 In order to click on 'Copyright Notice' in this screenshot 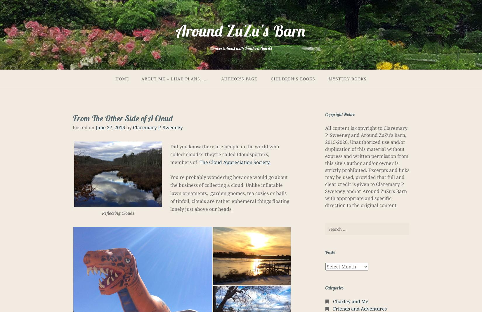, I will do `click(340, 114)`.